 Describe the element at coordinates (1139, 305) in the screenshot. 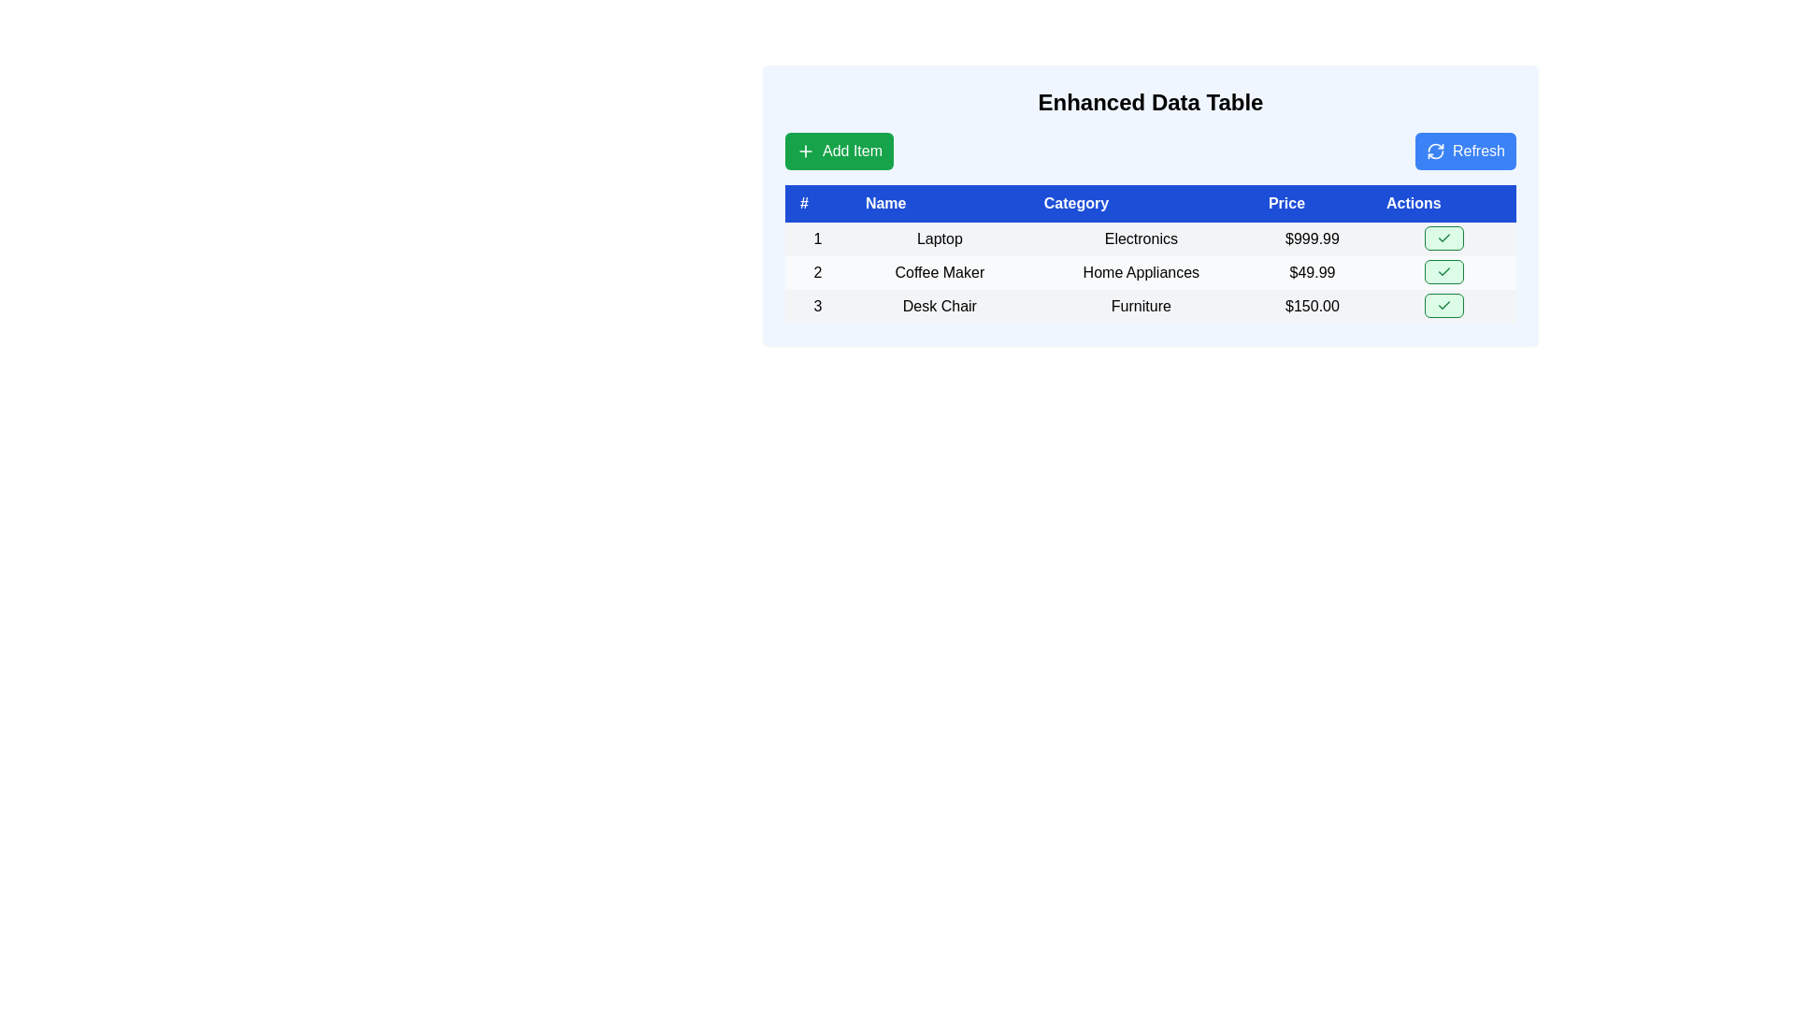

I see `text label 'Furniture' which is displayed in plain black text on a light gray background, located in the third row of the table under the 'Category' column` at that location.